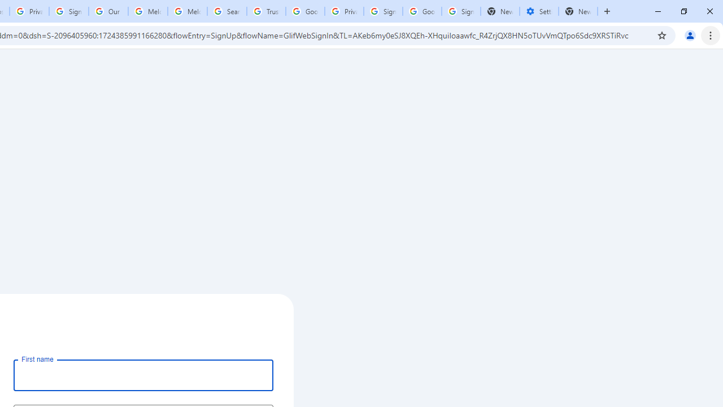 The image size is (723, 407). What do you see at coordinates (383, 11) in the screenshot?
I see `'Sign in - Google Accounts'` at bounding box center [383, 11].